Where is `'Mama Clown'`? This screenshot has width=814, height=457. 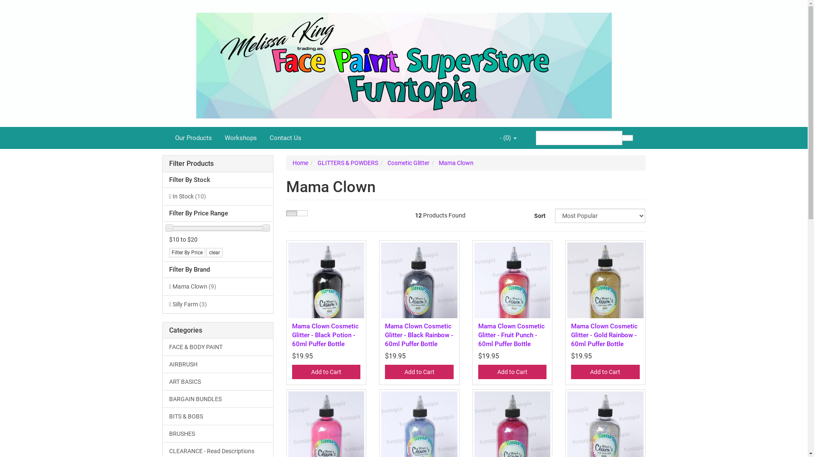 'Mama Clown' is located at coordinates (455, 163).